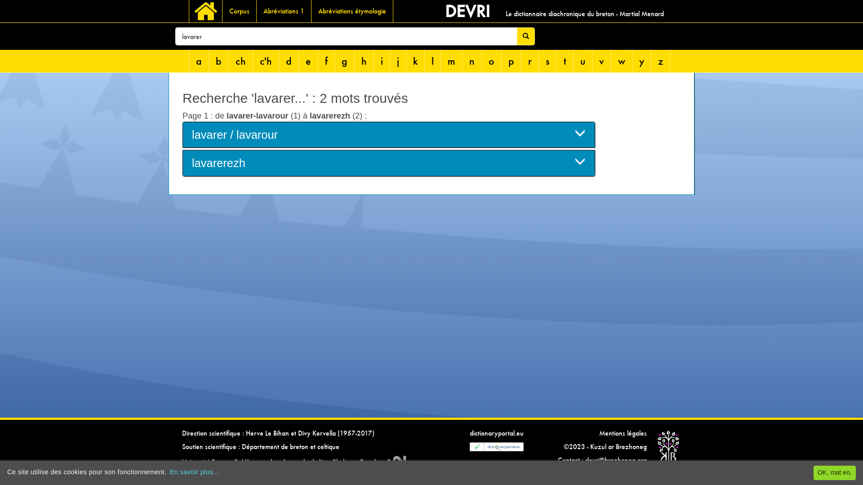  Describe the element at coordinates (344, 61) in the screenshot. I see `'g'` at that location.